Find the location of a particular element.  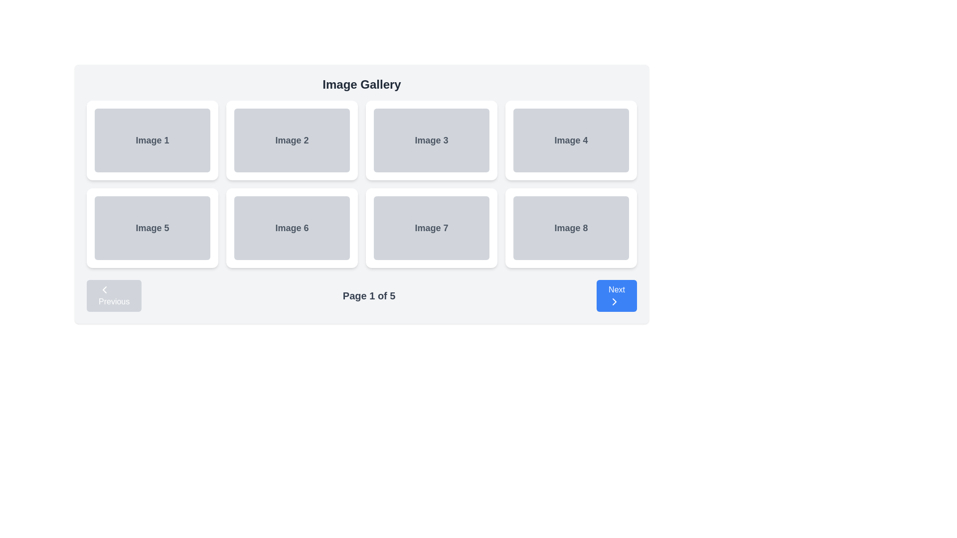

the text label displaying 'Image 6' which is located in a light gray rectangular box and serves as the label for the image placeholder in the second row, second column of a 2-row grid layout is located at coordinates (291, 228).